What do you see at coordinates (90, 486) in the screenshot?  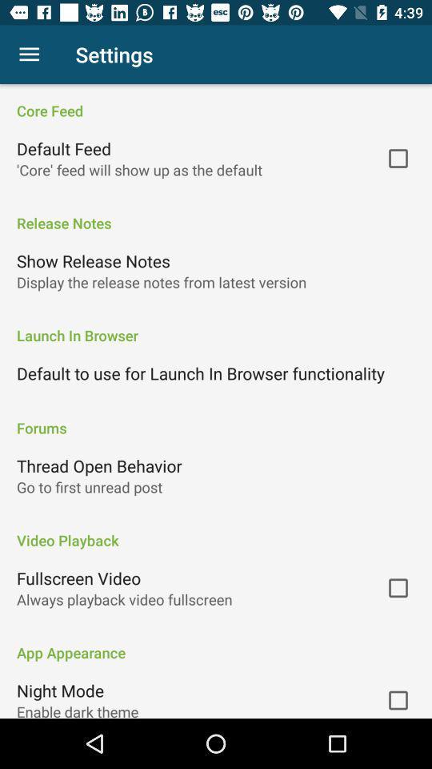 I see `the item below the thread open behavior item` at bounding box center [90, 486].